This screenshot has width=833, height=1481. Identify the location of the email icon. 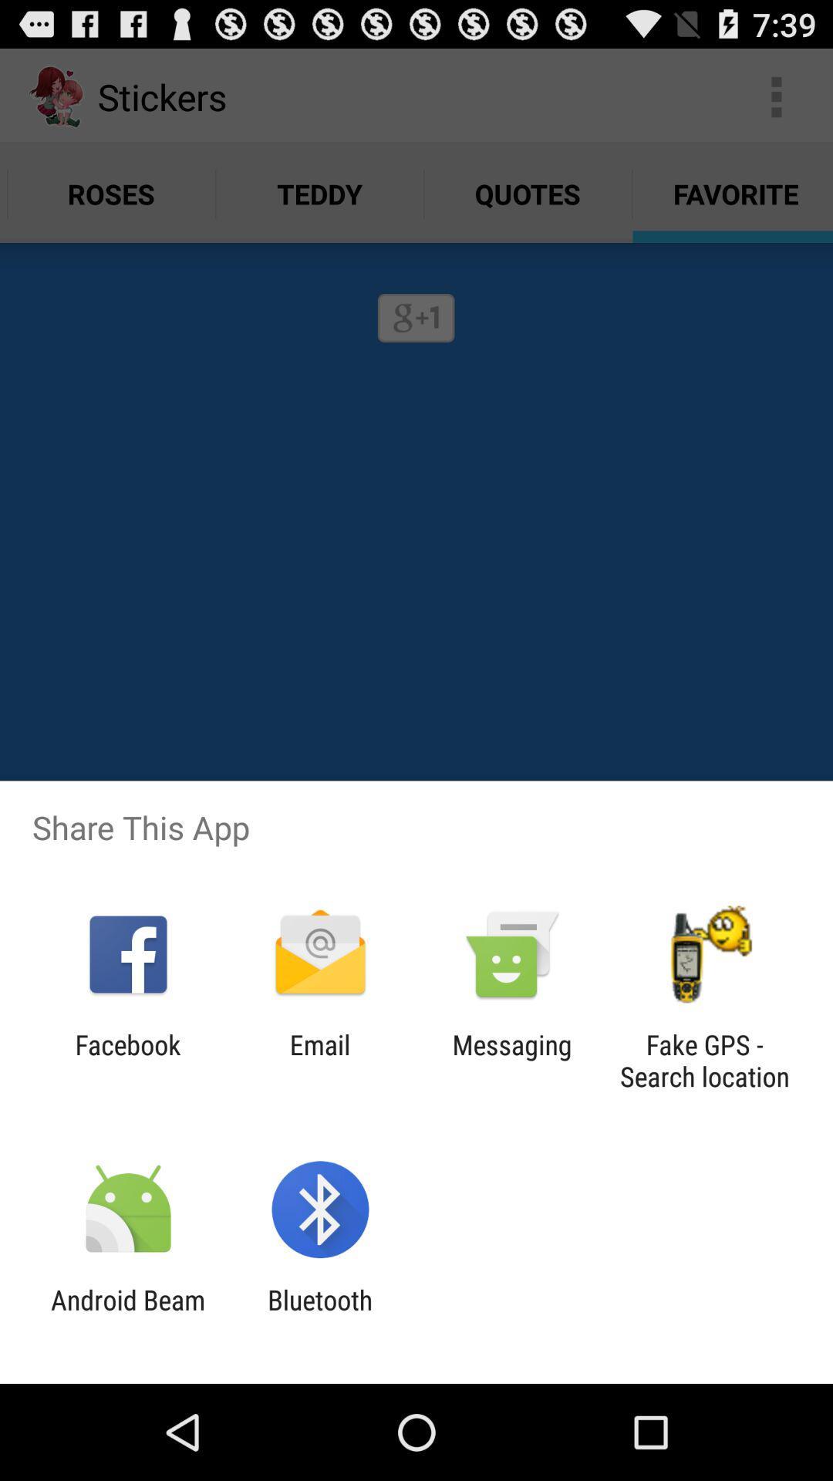
(319, 1060).